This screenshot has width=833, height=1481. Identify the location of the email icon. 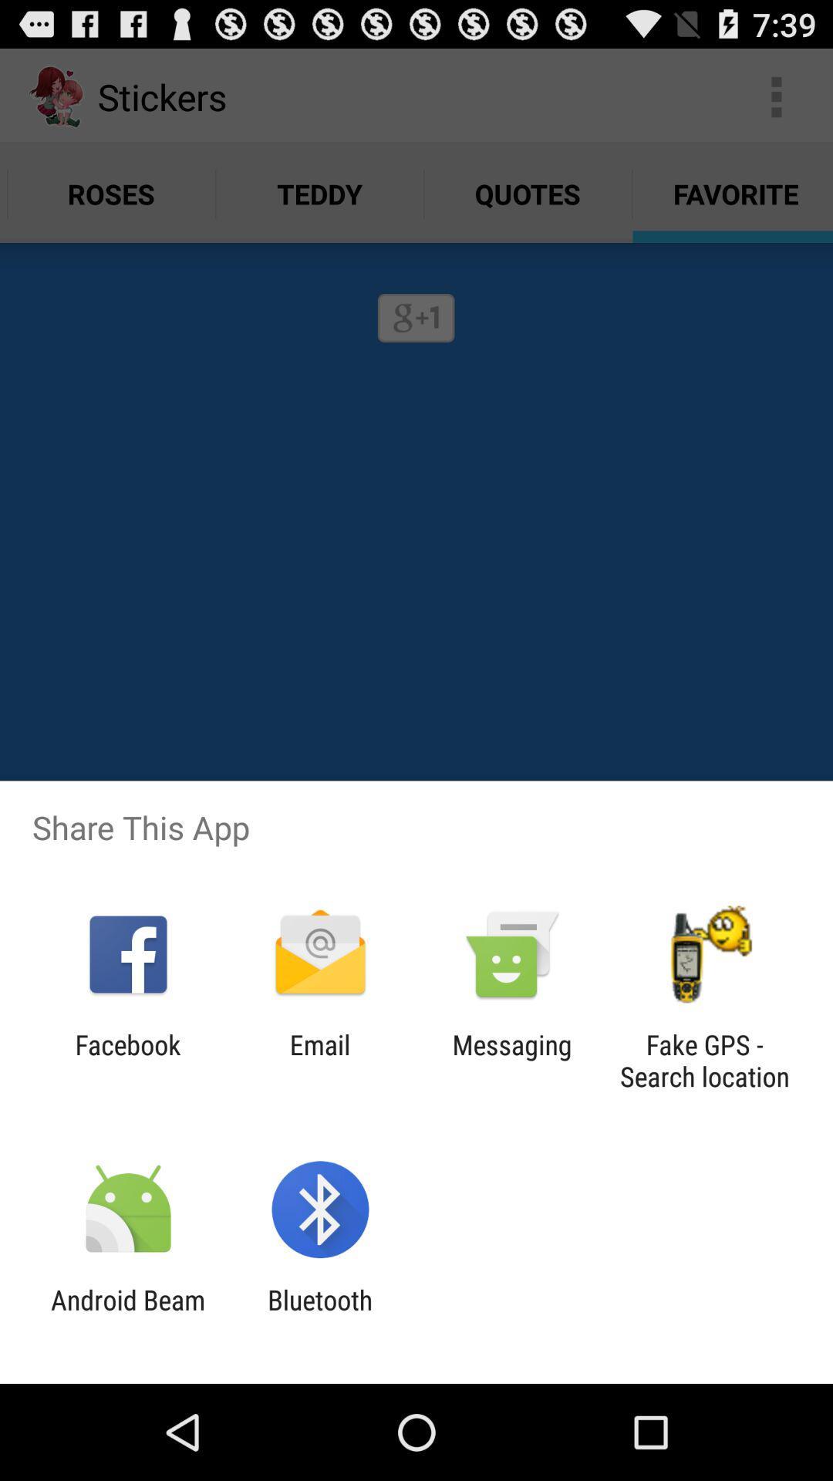
(319, 1060).